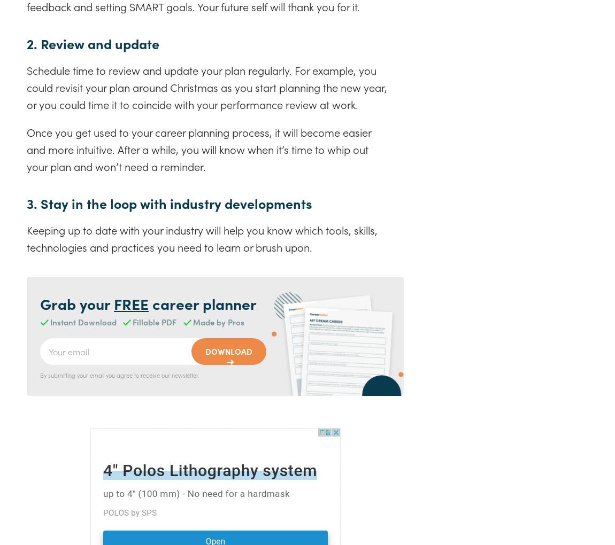 The width and height of the screenshot is (615, 545). Describe the element at coordinates (119, 374) in the screenshot. I see `'By submitting your email you agree to receive our newsletter.'` at that location.